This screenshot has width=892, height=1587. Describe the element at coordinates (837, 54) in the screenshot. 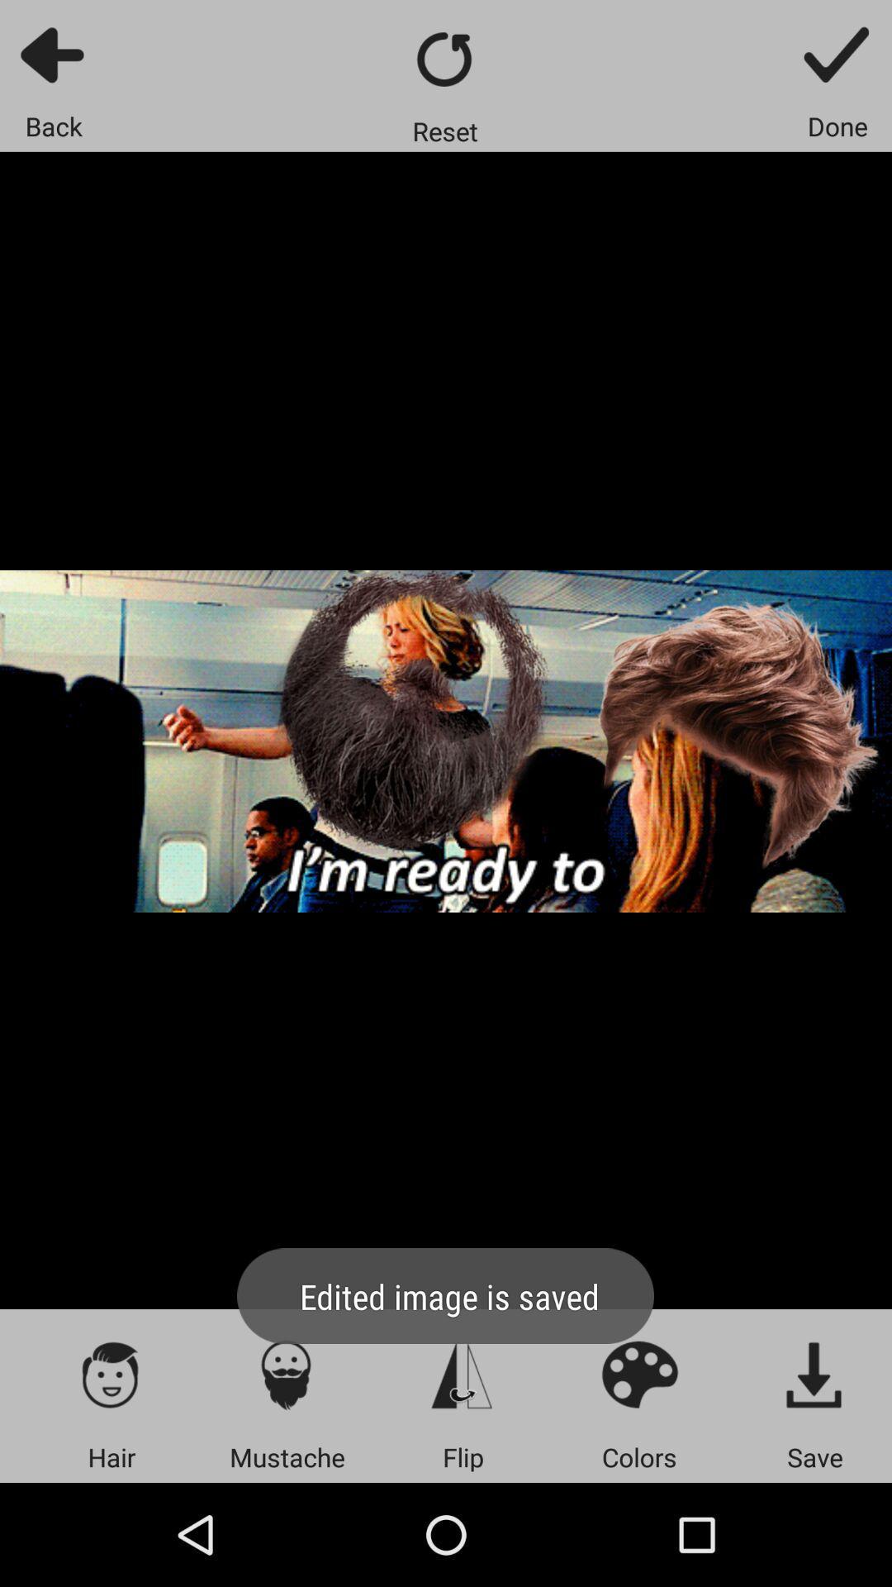

I see `the check icon` at that location.